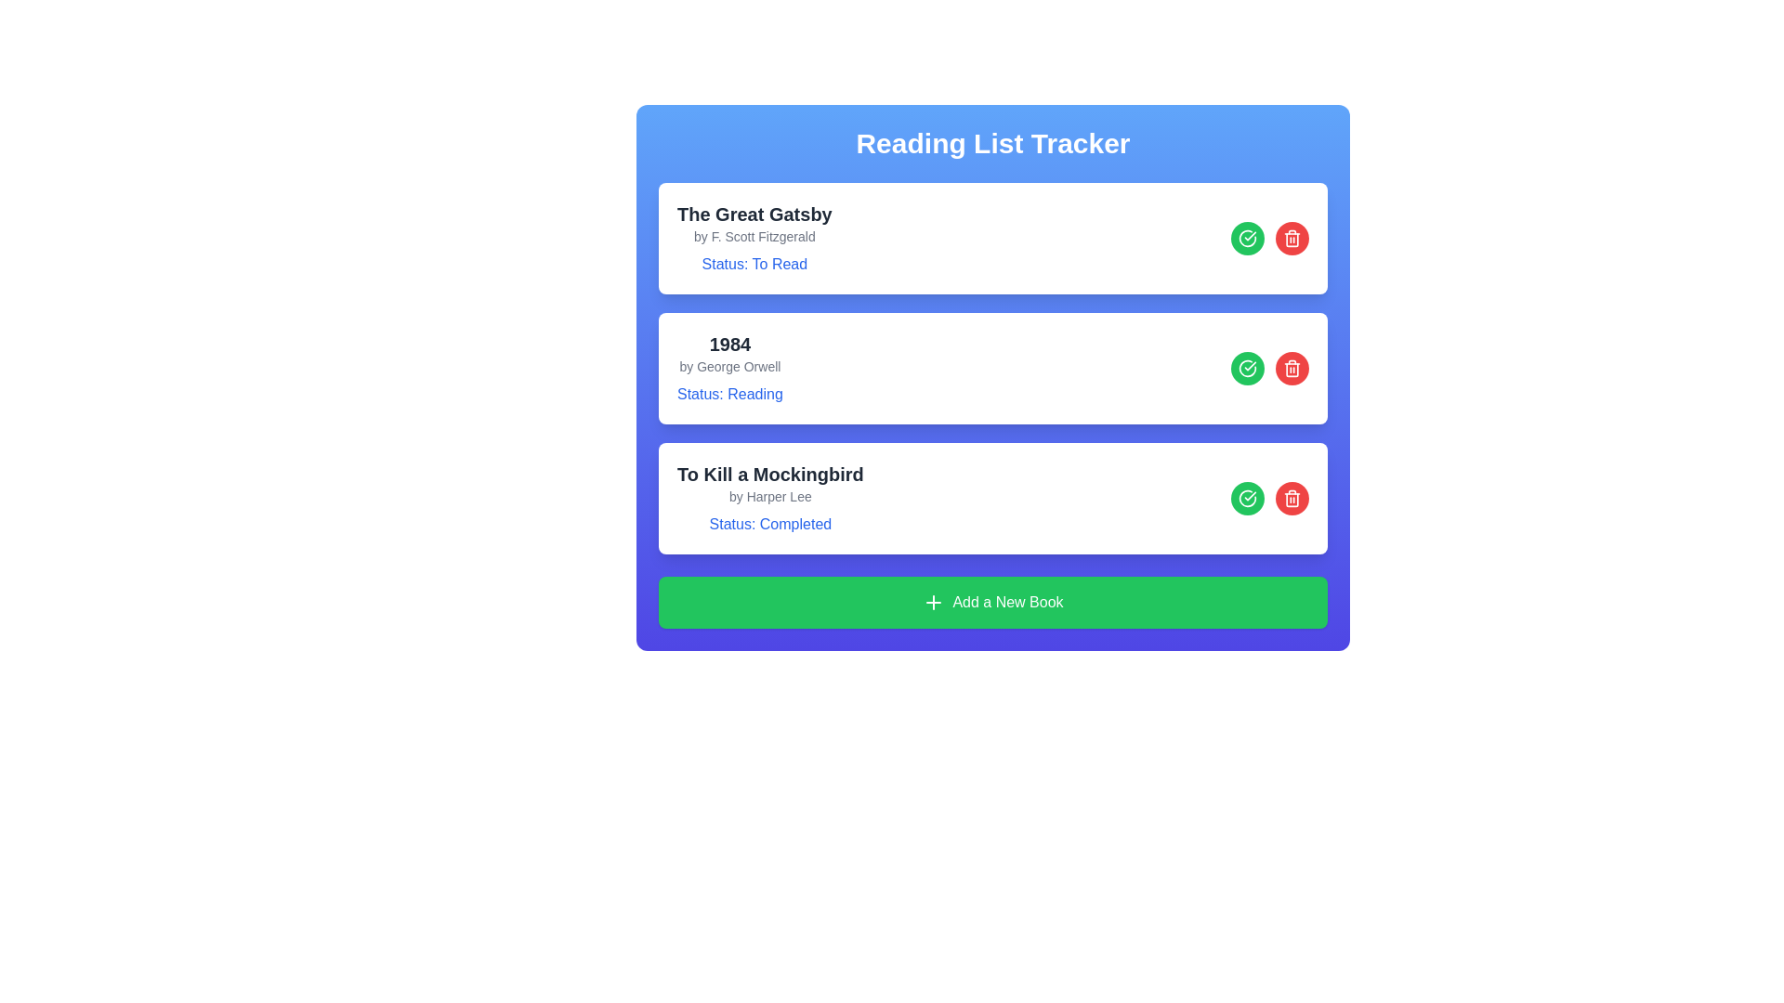 The height and width of the screenshot is (1003, 1784). Describe the element at coordinates (1292, 238) in the screenshot. I see `the delete icon button located at the far right of the second row in the list of items, associated with the block titled '1984' by George Orwell` at that location.